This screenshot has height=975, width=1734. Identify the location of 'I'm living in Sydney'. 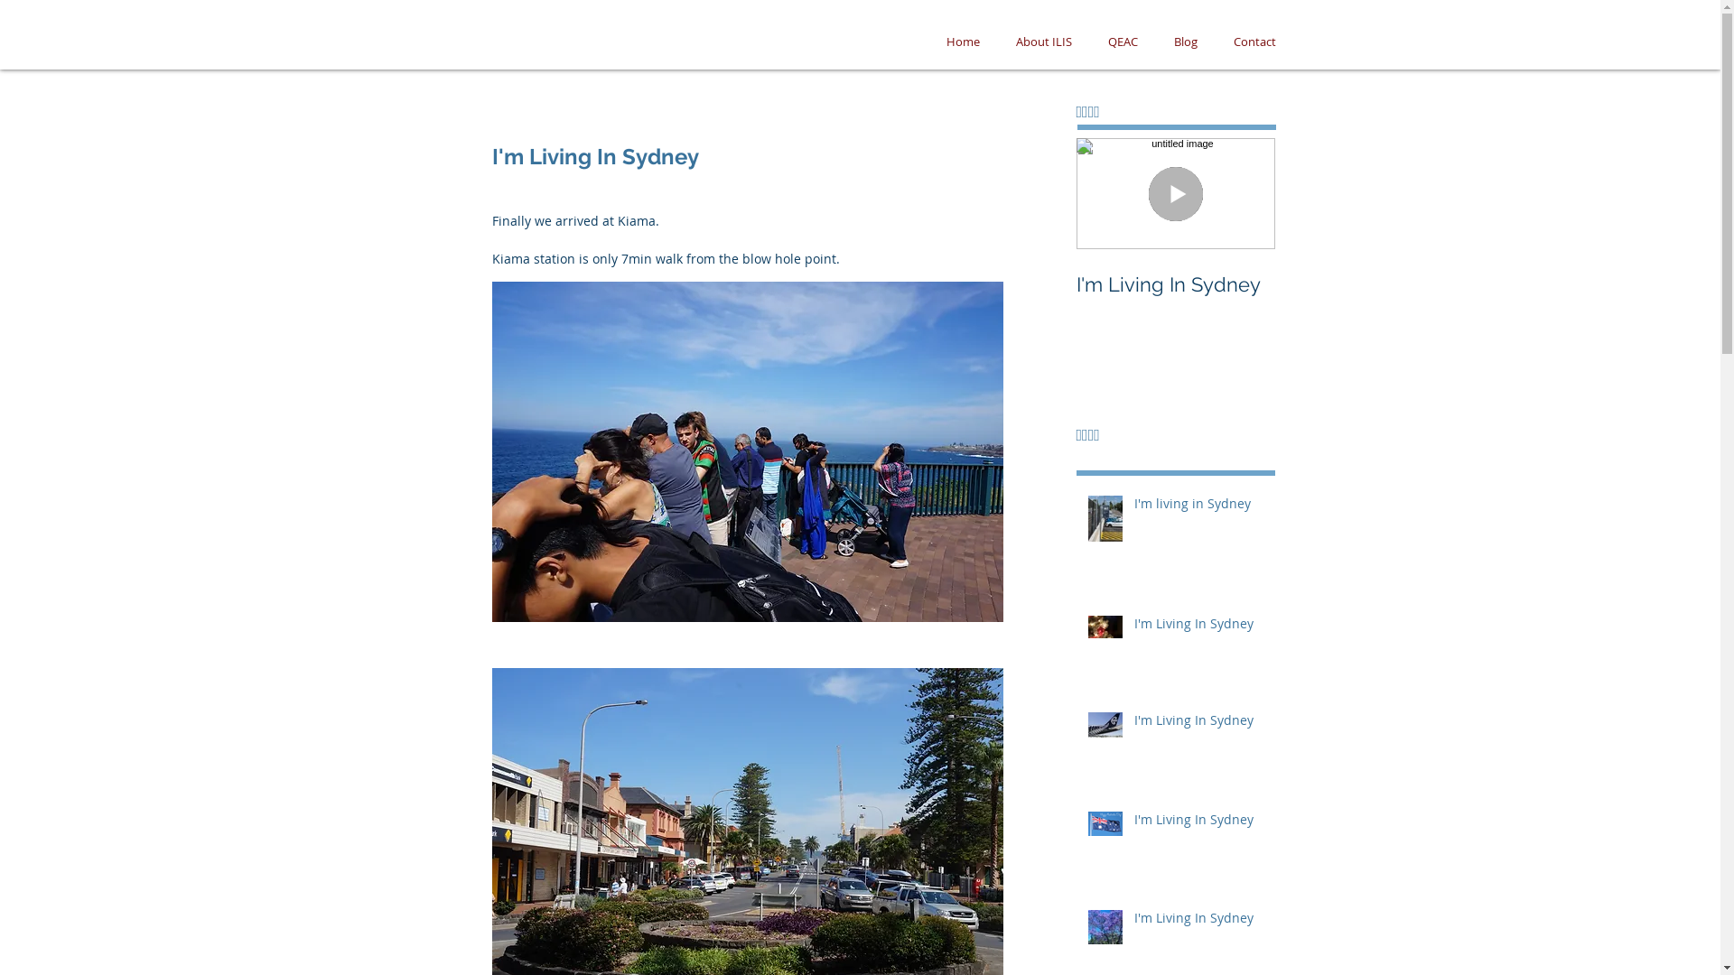
(1133, 507).